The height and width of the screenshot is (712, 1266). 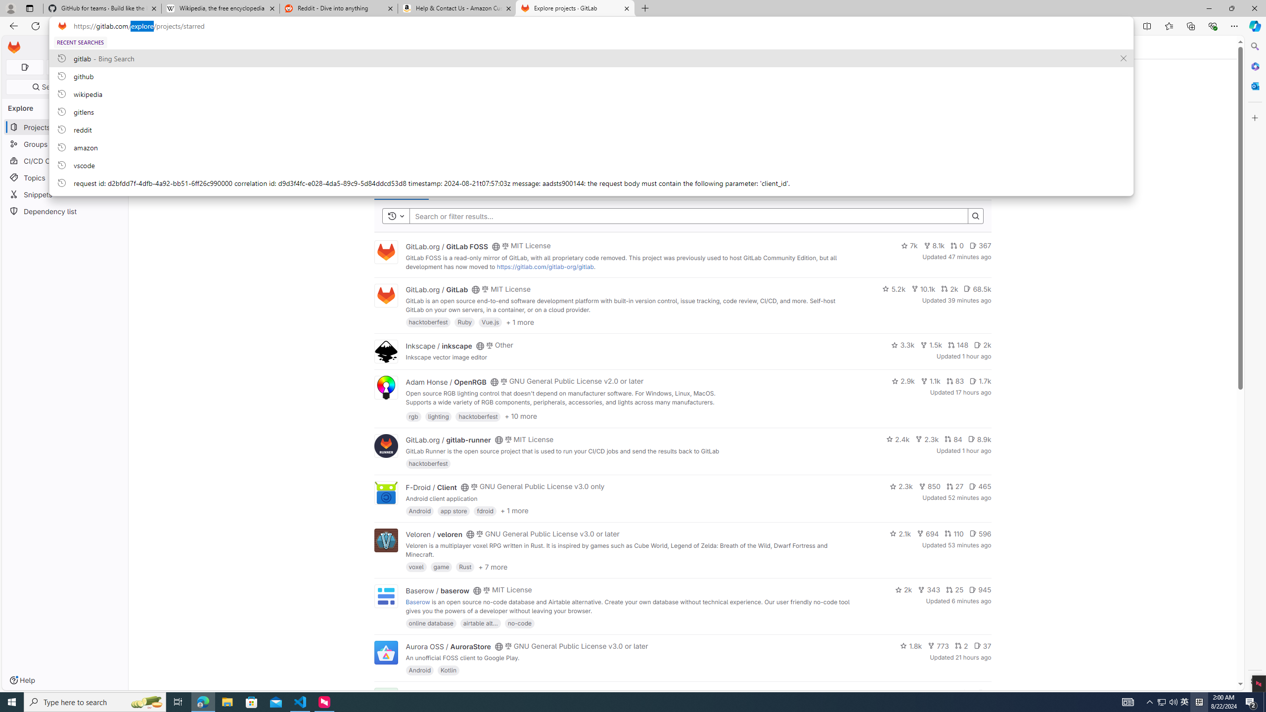 I want to click on 'Homepage', so click(x=14, y=47).